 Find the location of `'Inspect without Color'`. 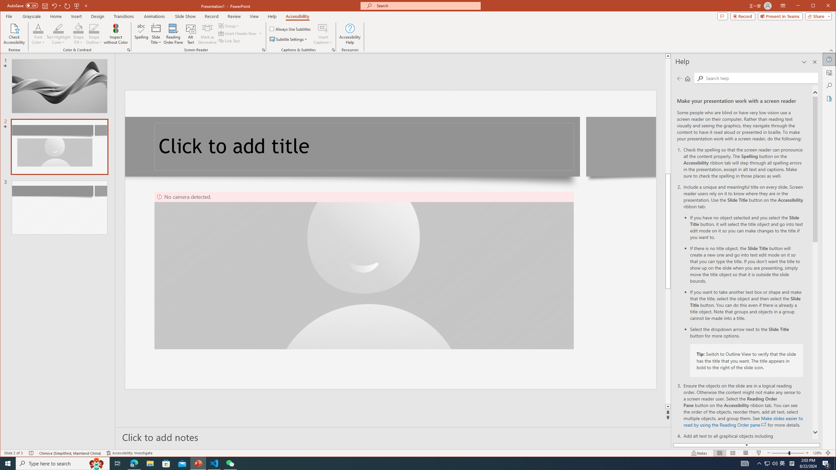

'Inspect without Color' is located at coordinates (116, 34).